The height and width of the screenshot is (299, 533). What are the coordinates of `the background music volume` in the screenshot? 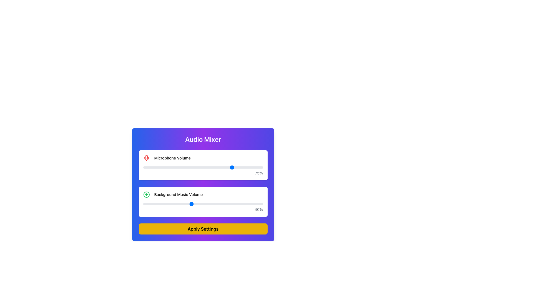 It's located at (148, 204).